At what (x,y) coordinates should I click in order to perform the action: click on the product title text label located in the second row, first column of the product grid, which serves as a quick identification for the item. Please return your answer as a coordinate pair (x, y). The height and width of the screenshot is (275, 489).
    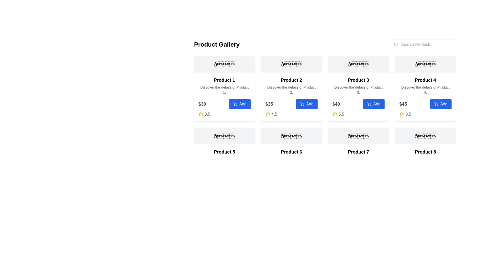
    Looking at the image, I should click on (224, 152).